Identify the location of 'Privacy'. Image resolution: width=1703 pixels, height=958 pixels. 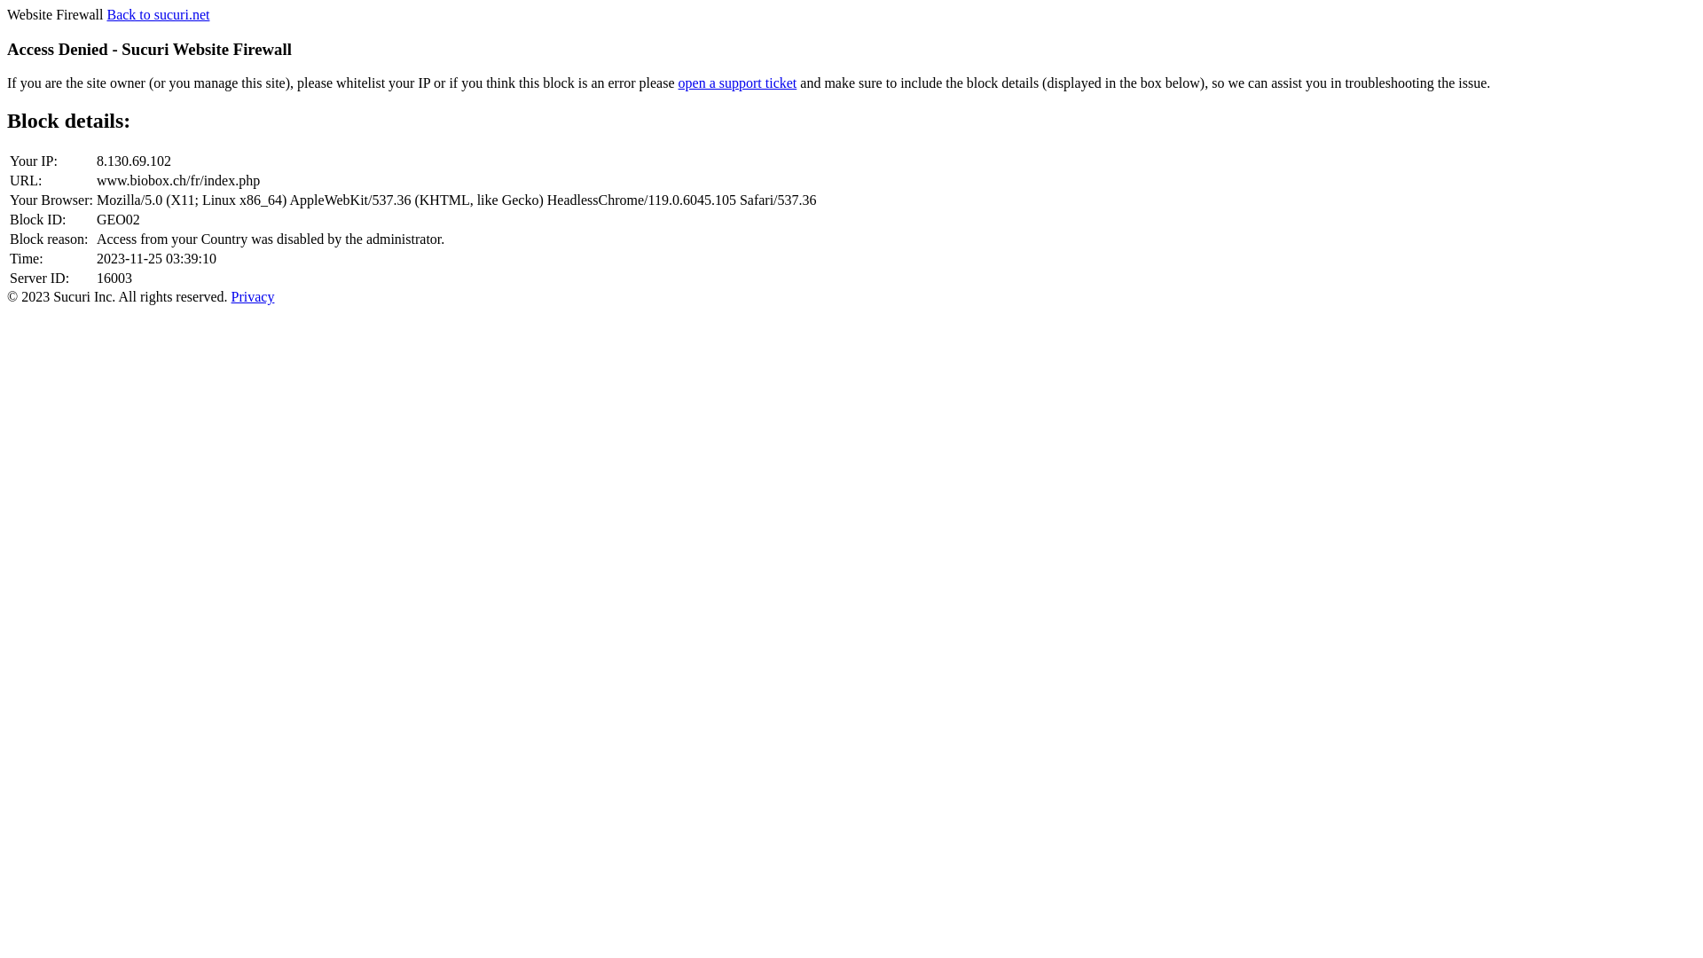
(252, 295).